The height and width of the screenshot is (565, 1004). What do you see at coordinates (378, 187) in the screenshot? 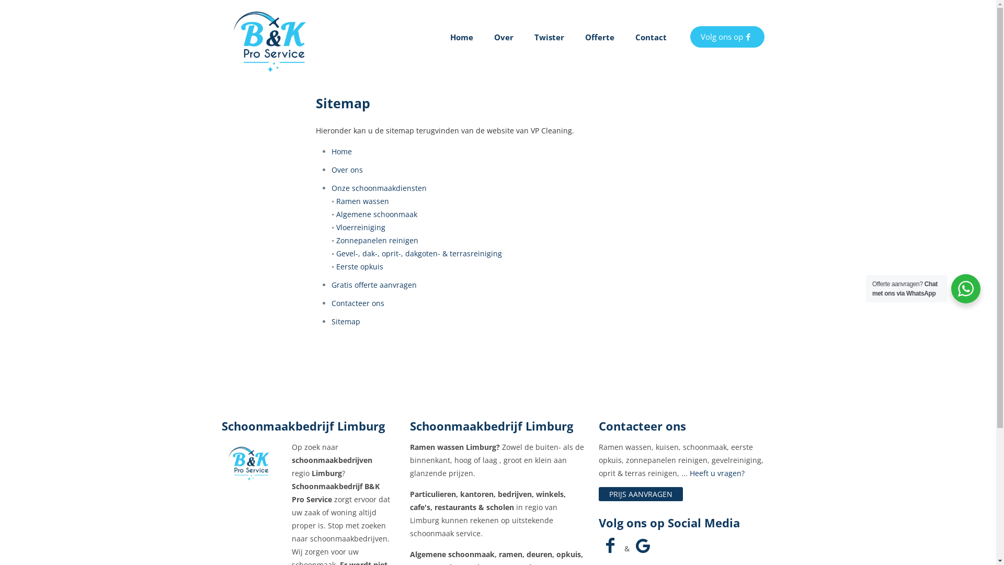
I see `'Onze schoonmaakdiensten'` at bounding box center [378, 187].